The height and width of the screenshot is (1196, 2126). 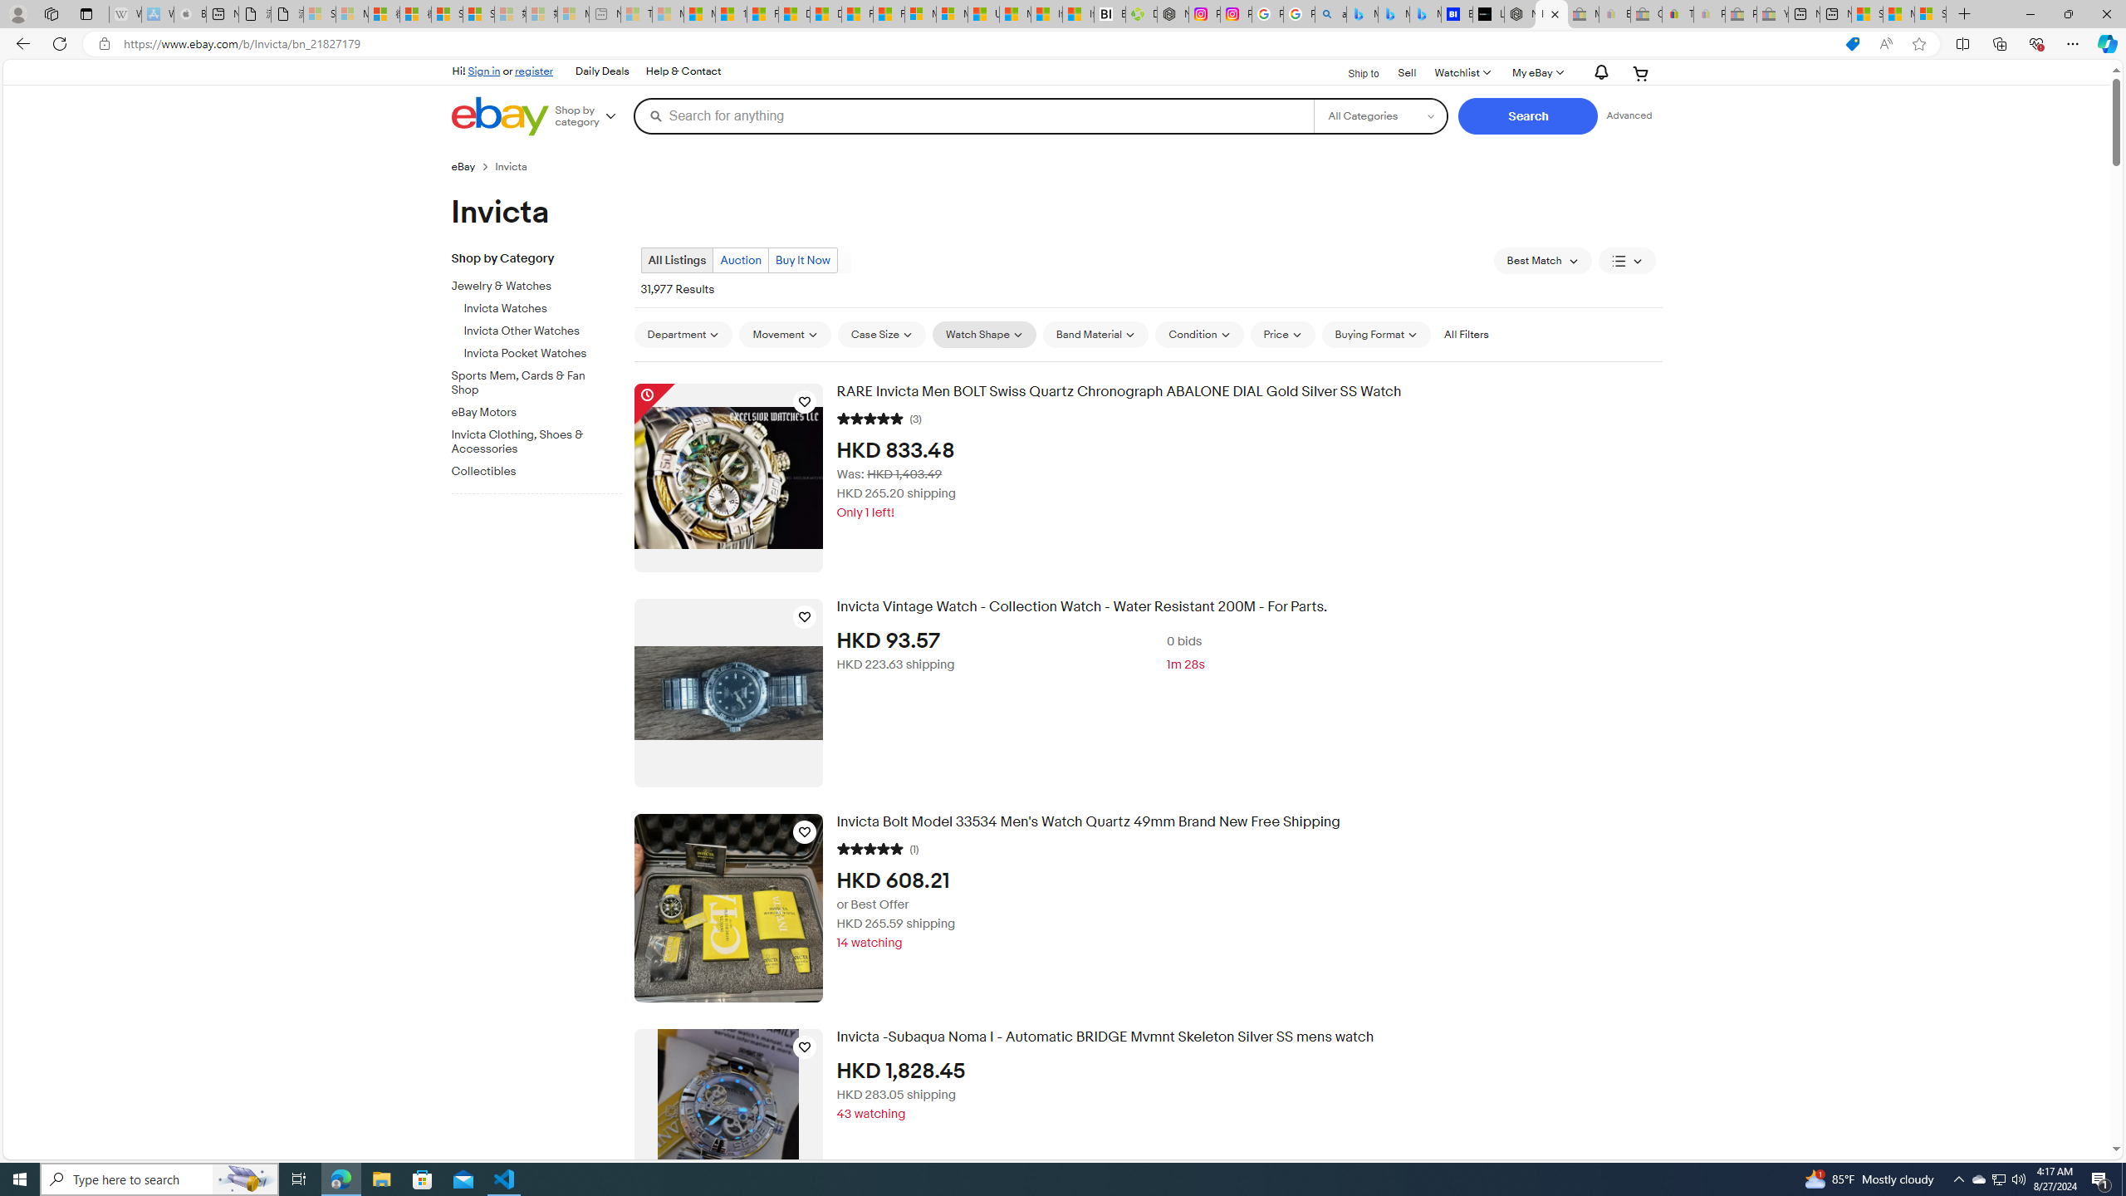 I want to click on 'Invicta Clothing, Shoes & Accessories', so click(x=529, y=442).